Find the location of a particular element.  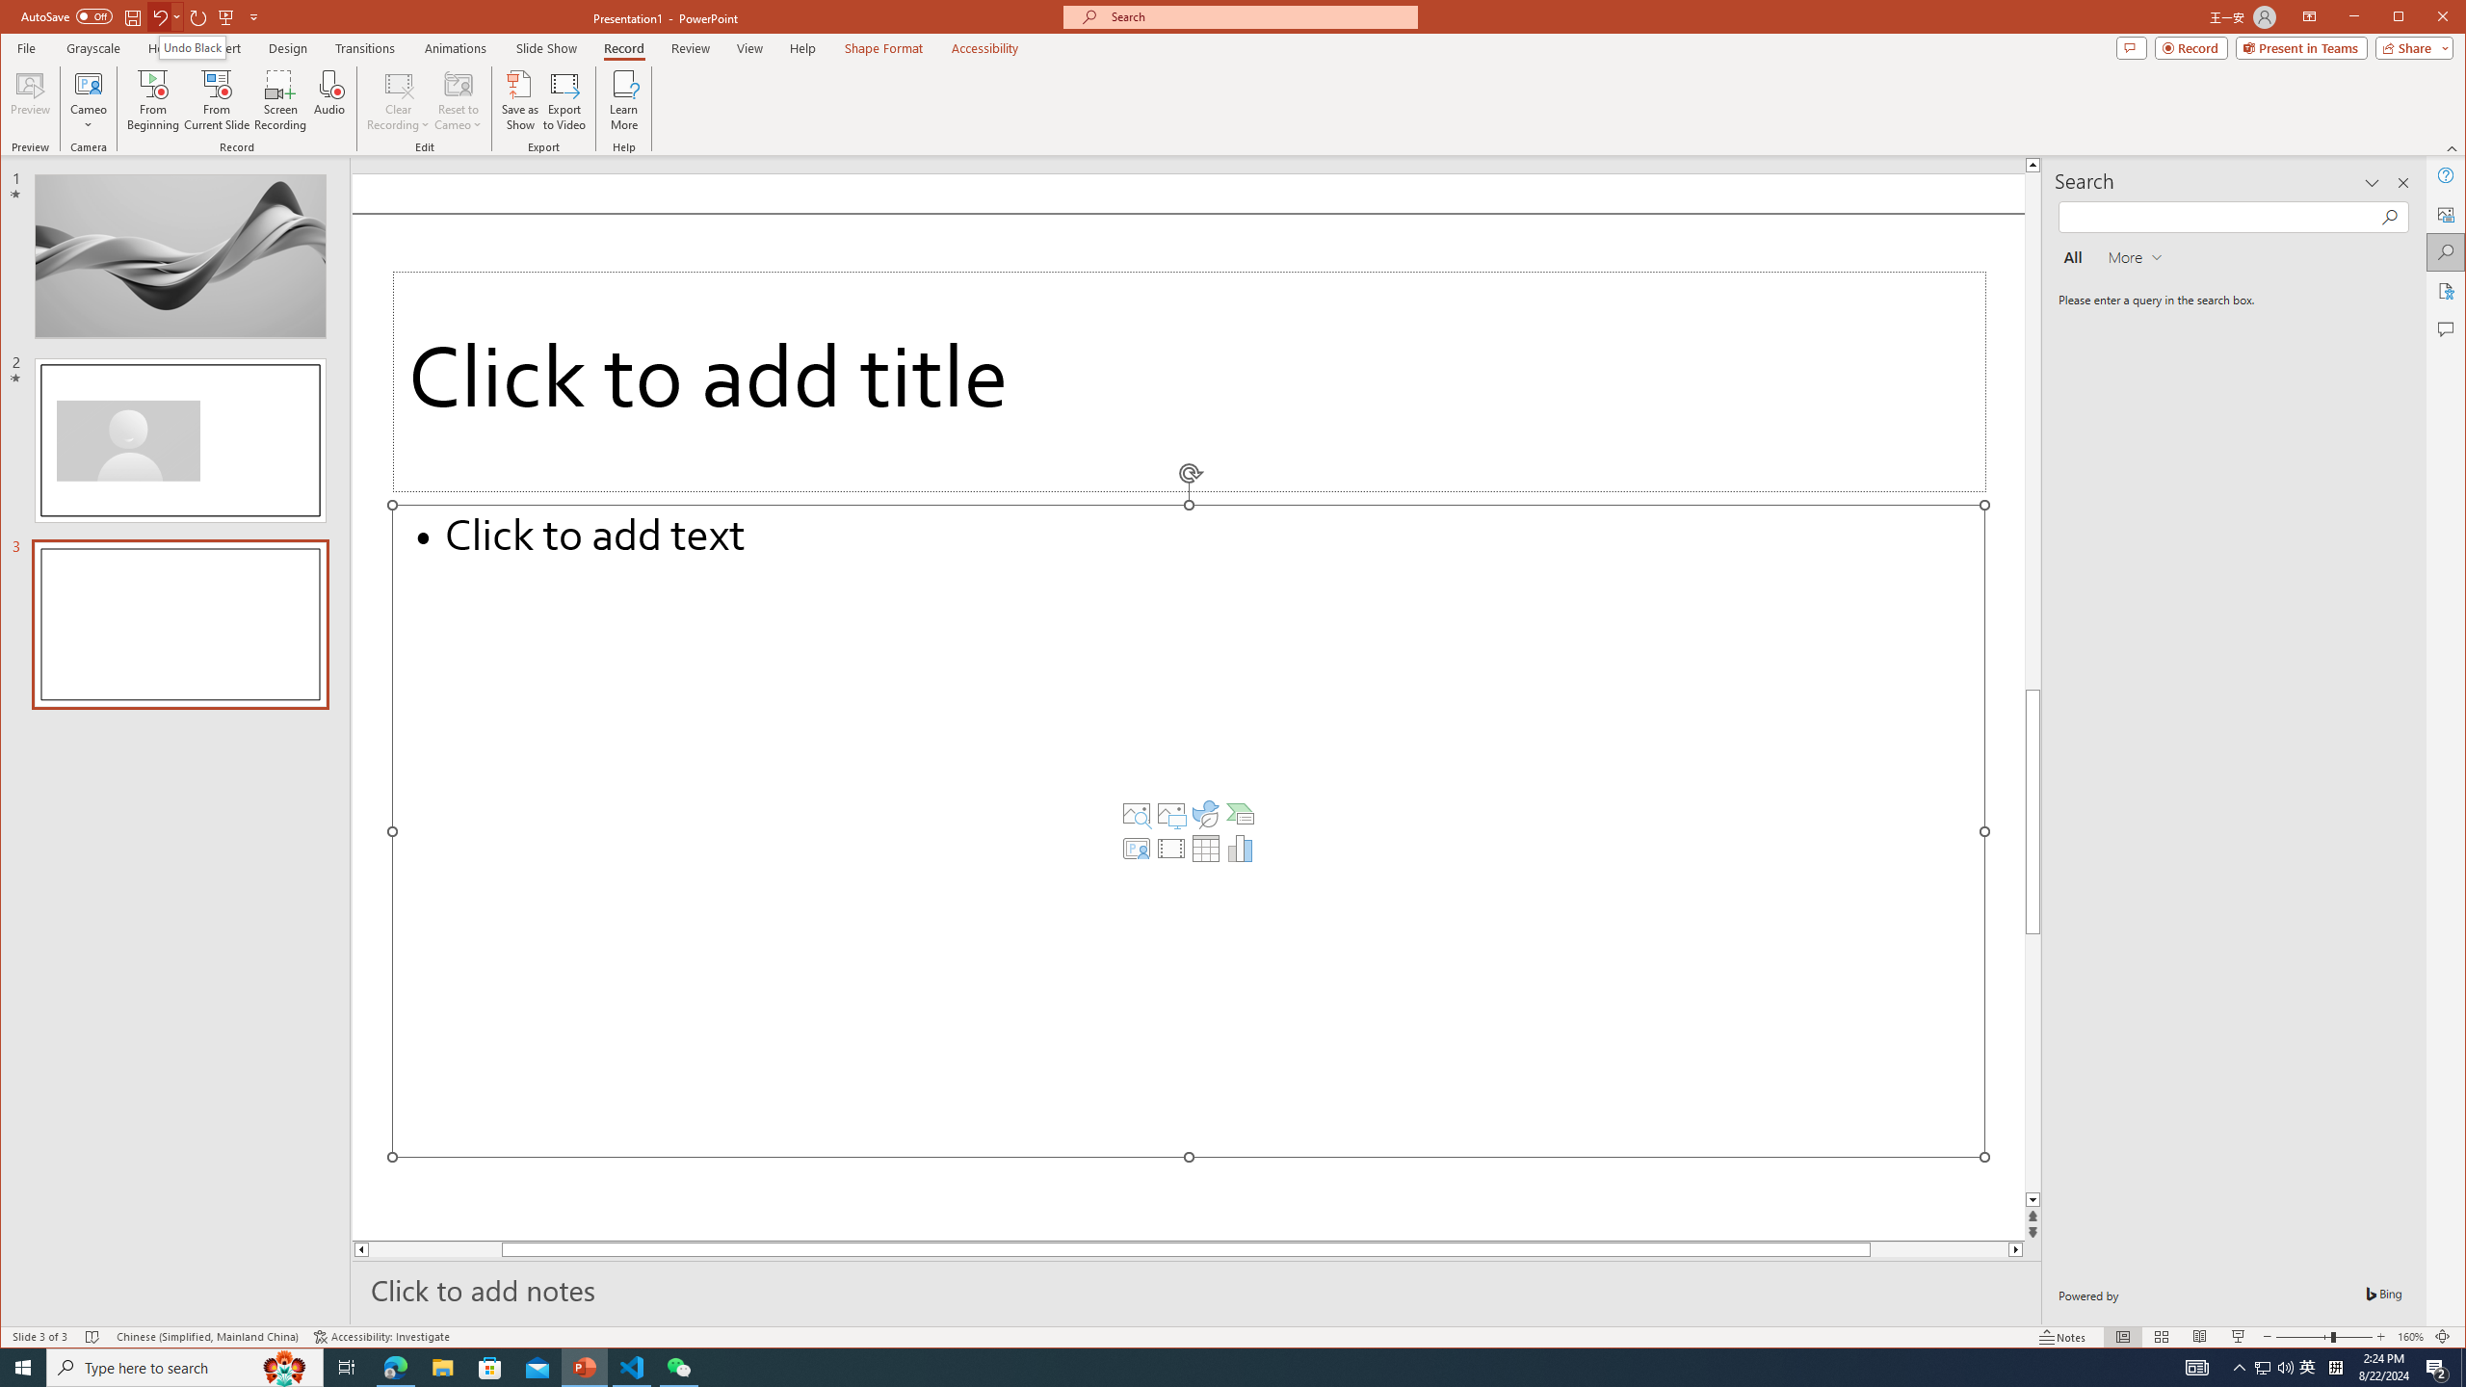

'Type here to search' is located at coordinates (184, 1366).